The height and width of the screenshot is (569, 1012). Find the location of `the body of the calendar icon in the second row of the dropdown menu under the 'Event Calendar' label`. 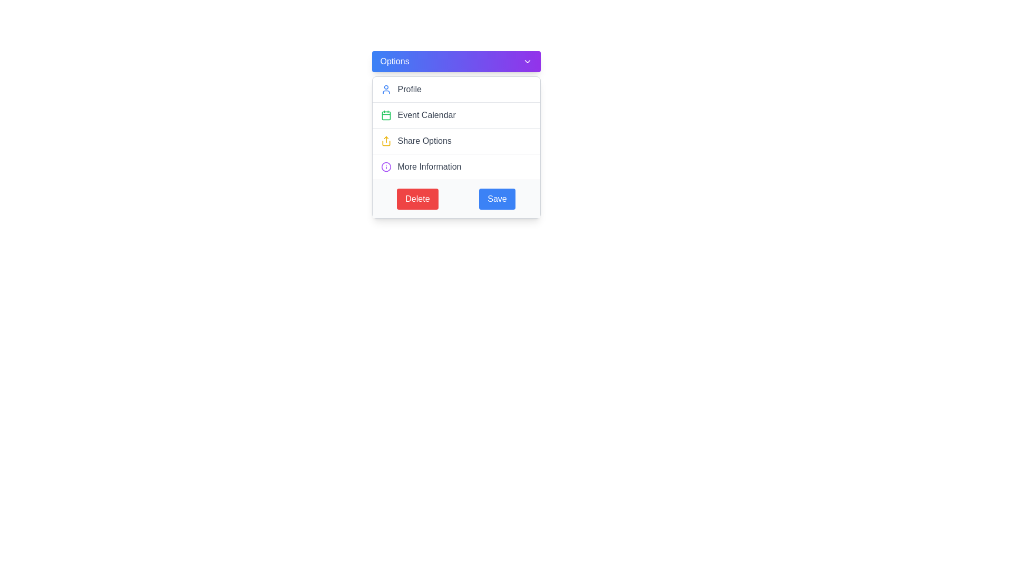

the body of the calendar icon in the second row of the dropdown menu under the 'Event Calendar' label is located at coordinates (385, 115).